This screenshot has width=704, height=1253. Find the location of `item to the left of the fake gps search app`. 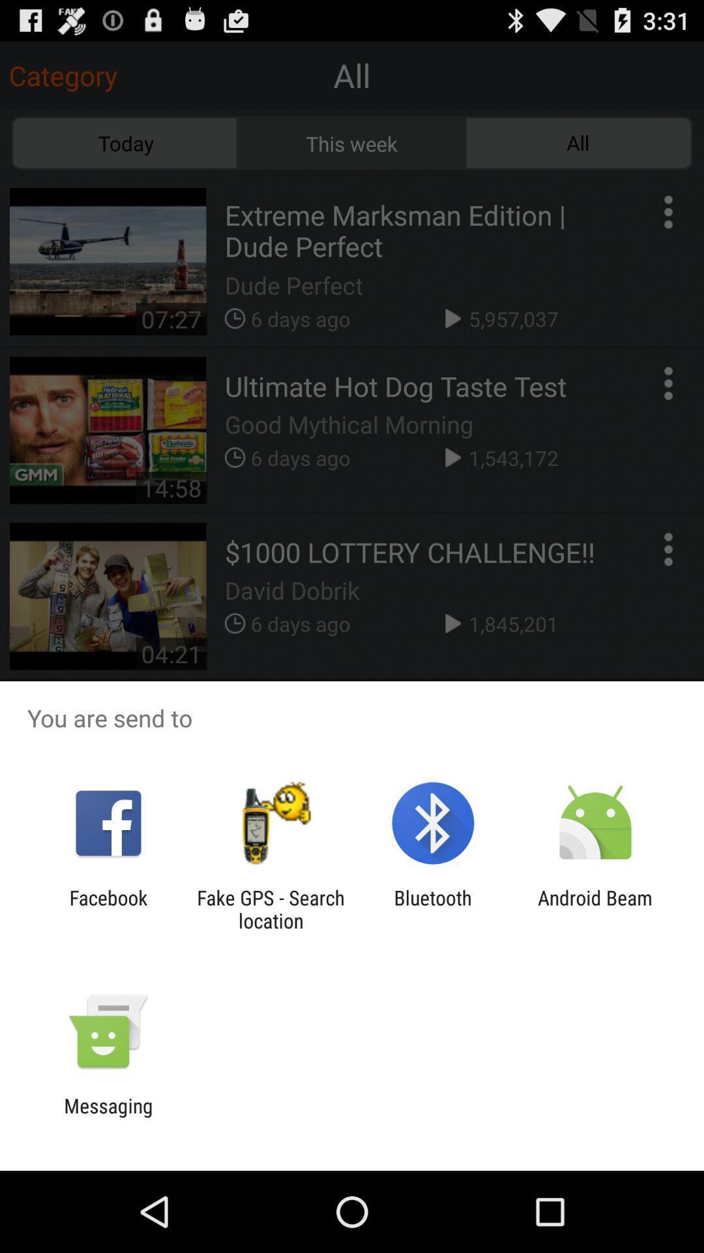

item to the left of the fake gps search app is located at coordinates (108, 908).